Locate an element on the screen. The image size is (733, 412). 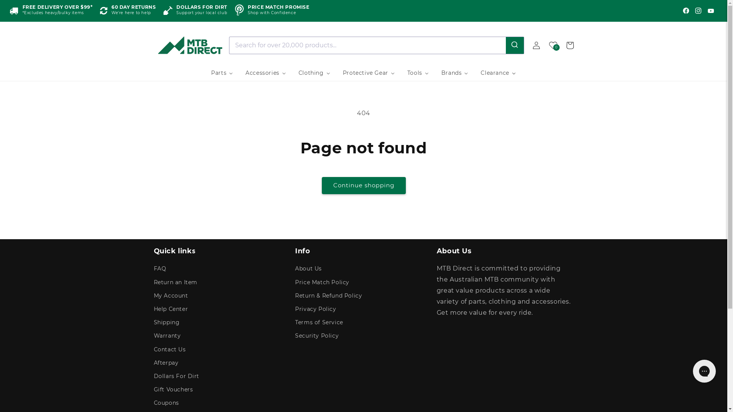
'Shipping' is located at coordinates (166, 322).